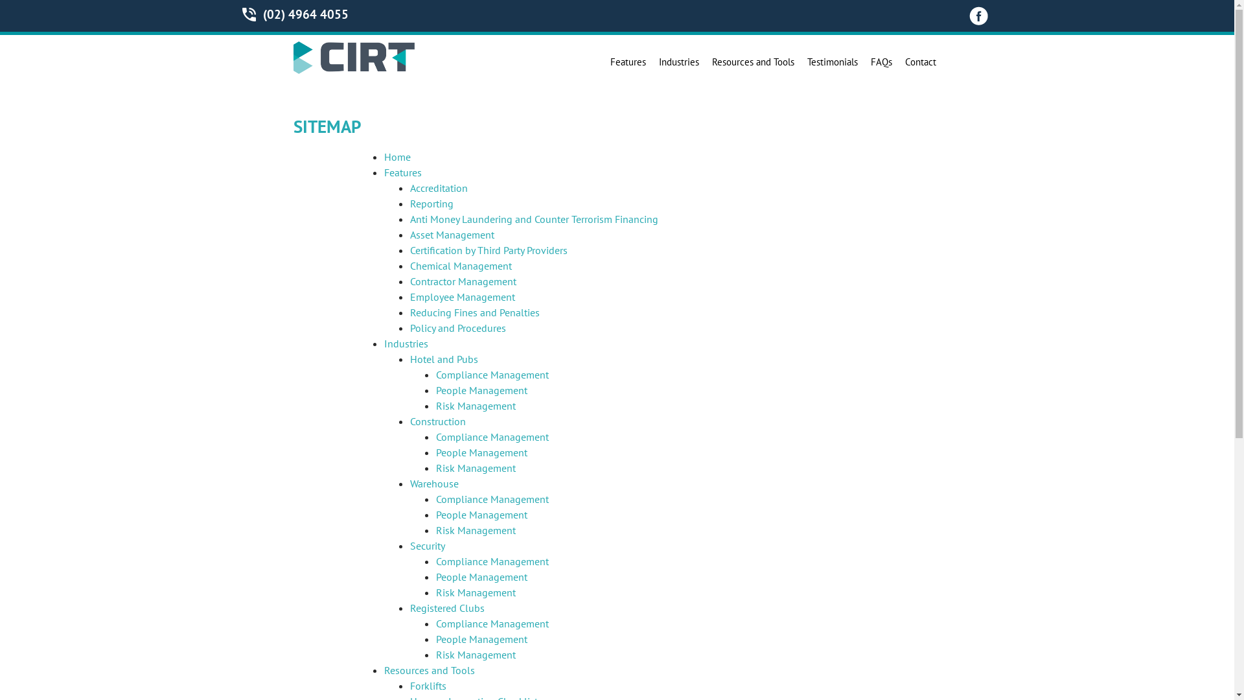 This screenshot has height=700, width=1244. Describe the element at coordinates (409, 545) in the screenshot. I see `'Security'` at that location.